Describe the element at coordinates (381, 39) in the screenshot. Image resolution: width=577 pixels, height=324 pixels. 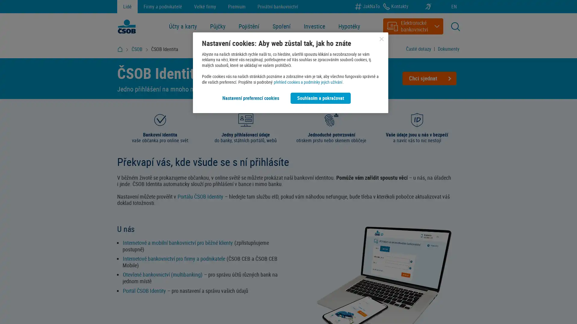
I see `Zavrit` at that location.